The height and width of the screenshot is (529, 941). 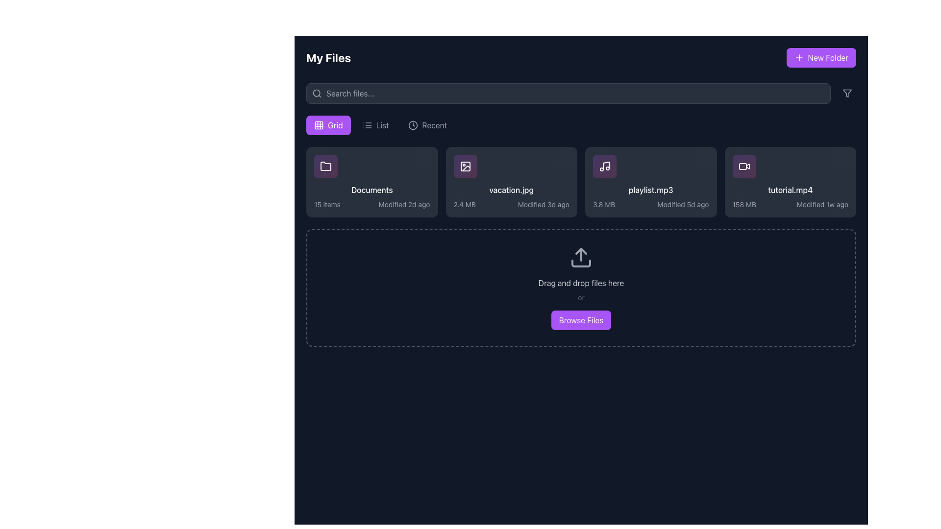 What do you see at coordinates (766, 182) in the screenshot?
I see `the download icon button, which is a white downward arrow with a line beneath it, located in the top-right corner of the video card for 'tutorial.mp4', to initiate the download process` at bounding box center [766, 182].